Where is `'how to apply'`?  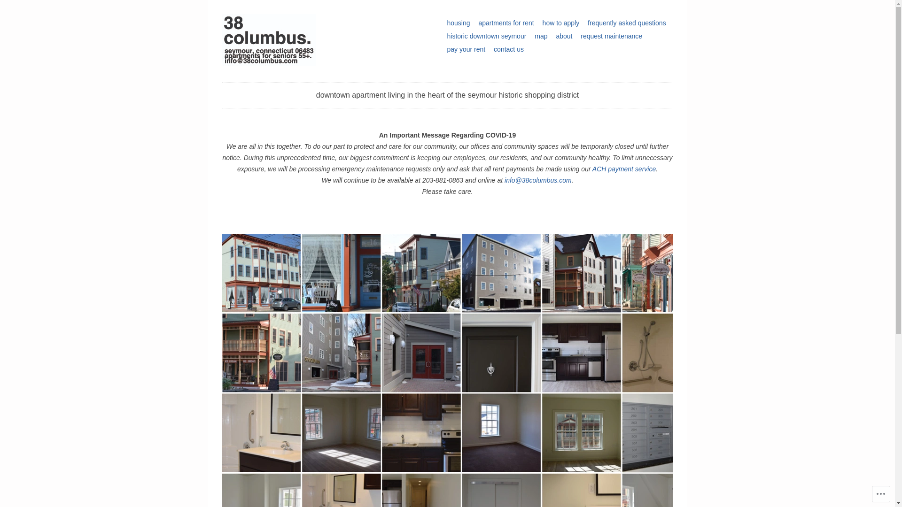 'how to apply' is located at coordinates (561, 23).